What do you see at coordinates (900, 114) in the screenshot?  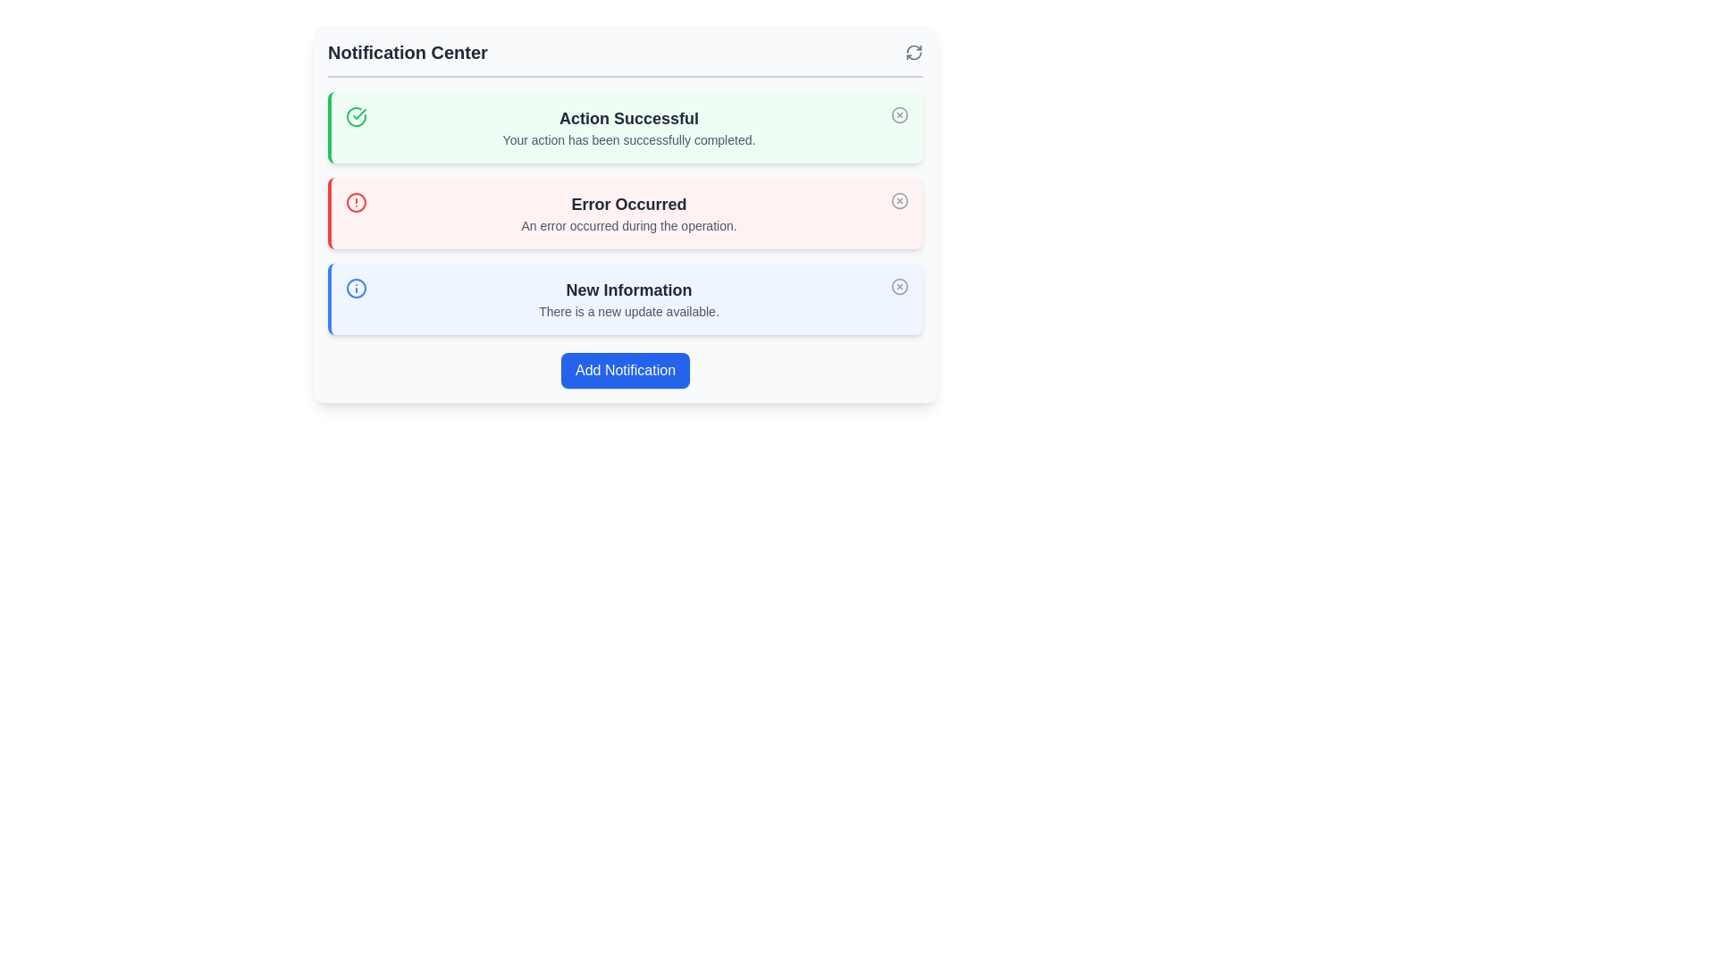 I see `the close button located in the top-right corner of the 'Action Successful' notification` at bounding box center [900, 114].